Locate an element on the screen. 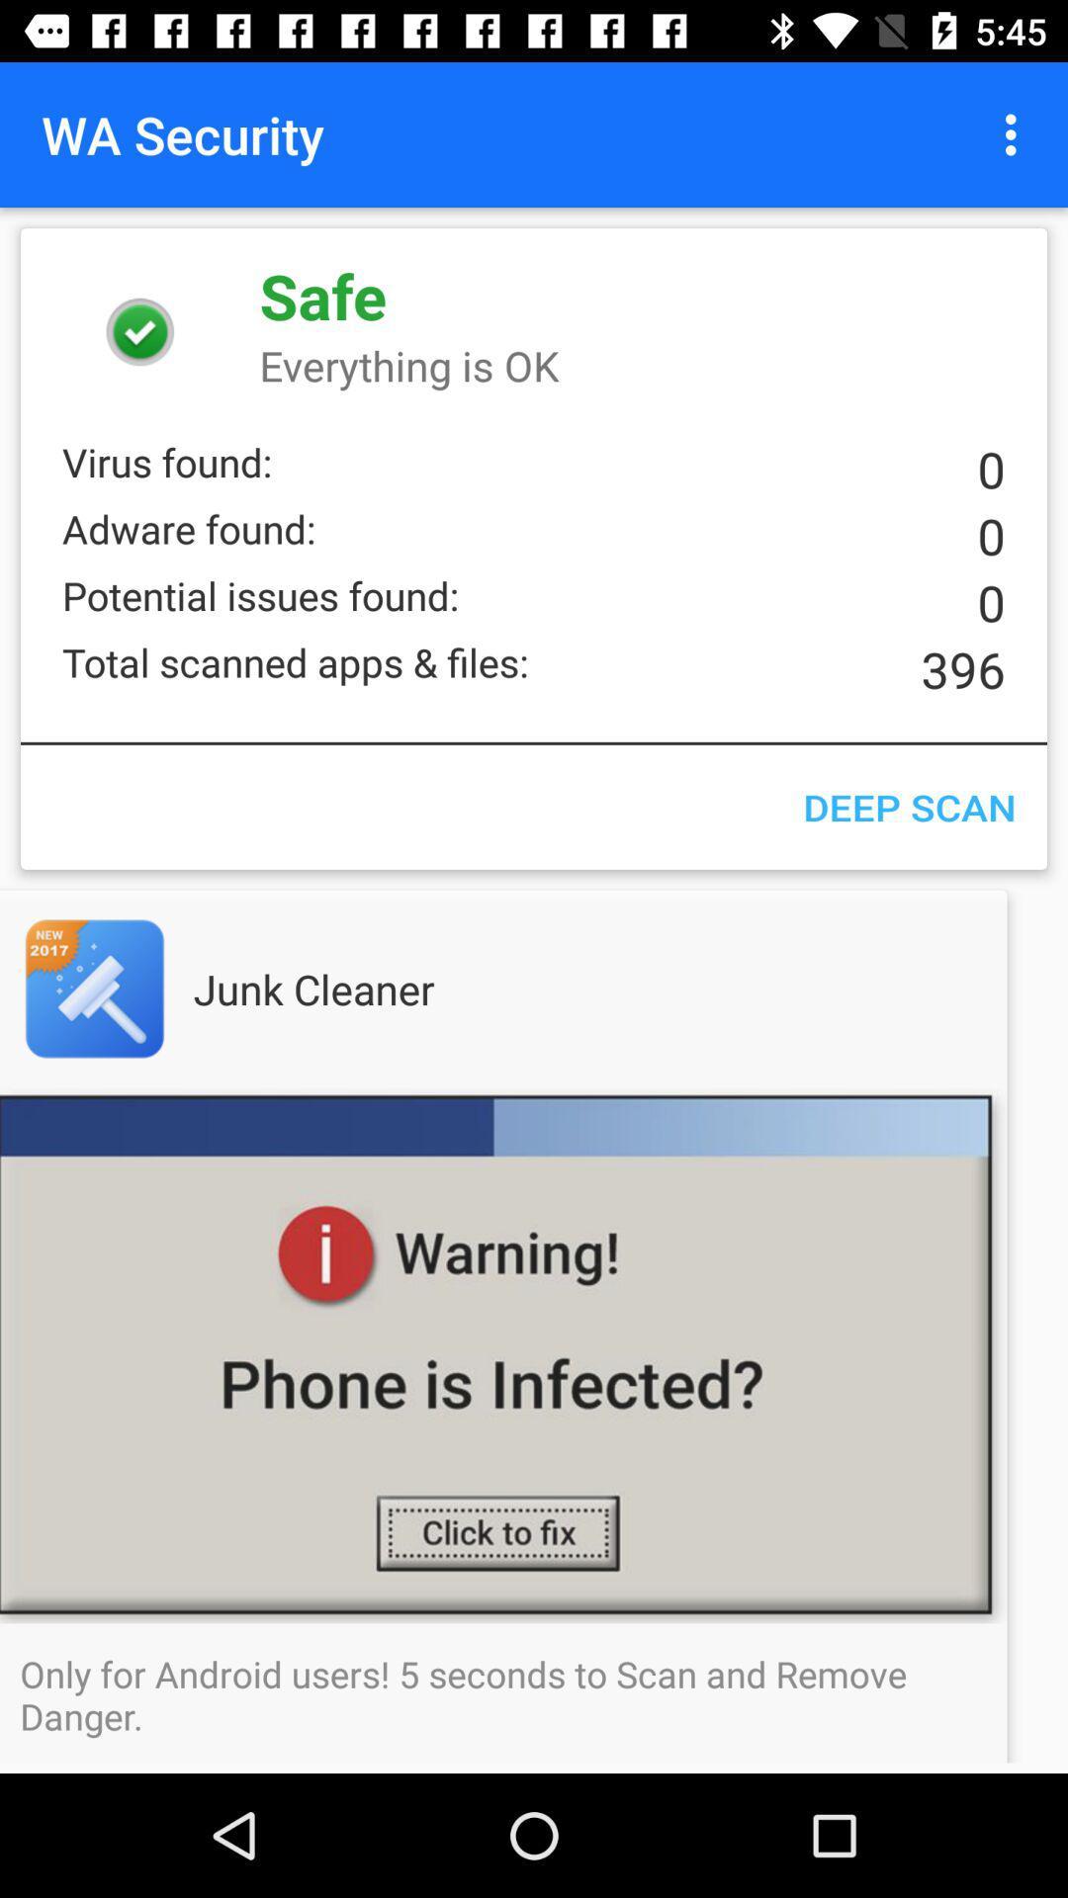  app page of displayed app is located at coordinates (133, 989).